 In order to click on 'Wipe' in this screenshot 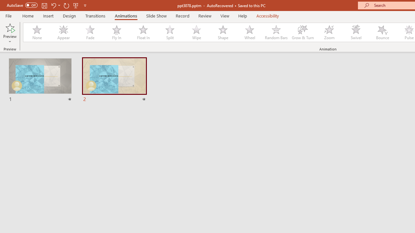, I will do `click(196, 32)`.